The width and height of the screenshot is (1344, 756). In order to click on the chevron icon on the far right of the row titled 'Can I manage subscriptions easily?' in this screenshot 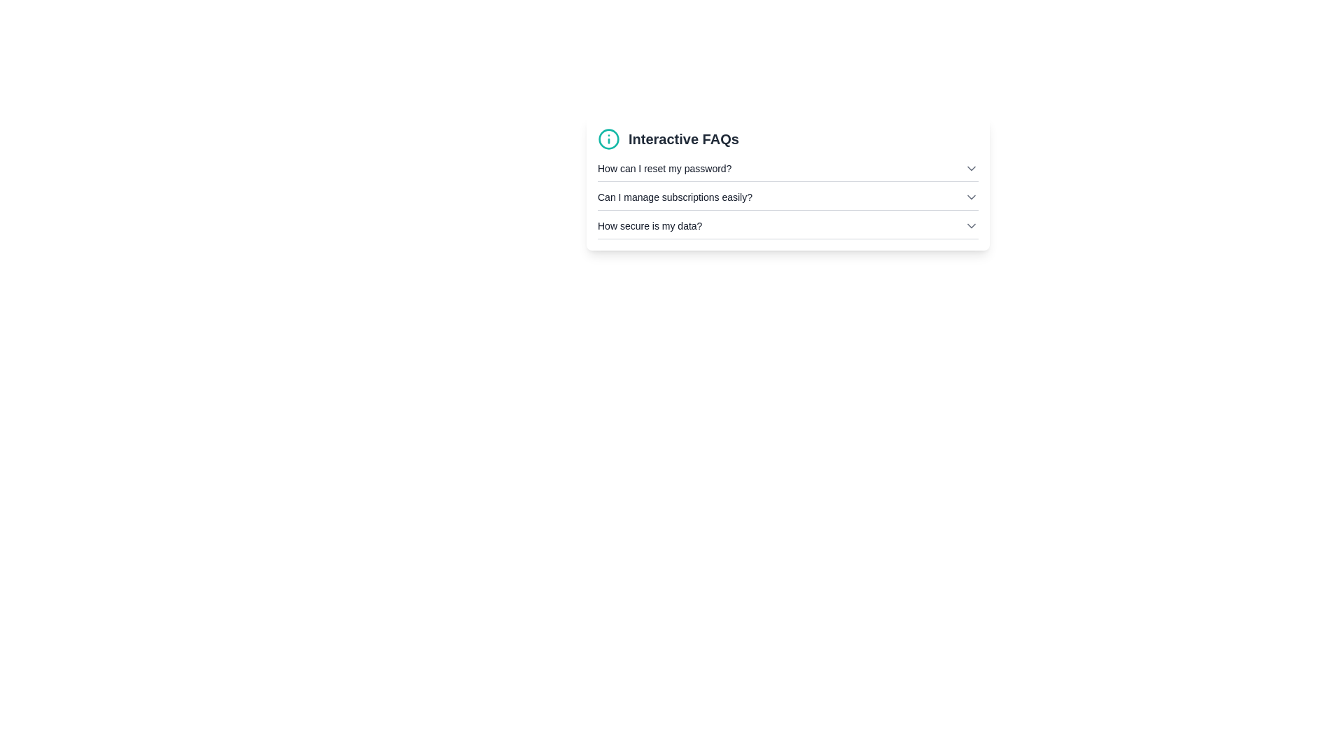, I will do `click(970, 197)`.